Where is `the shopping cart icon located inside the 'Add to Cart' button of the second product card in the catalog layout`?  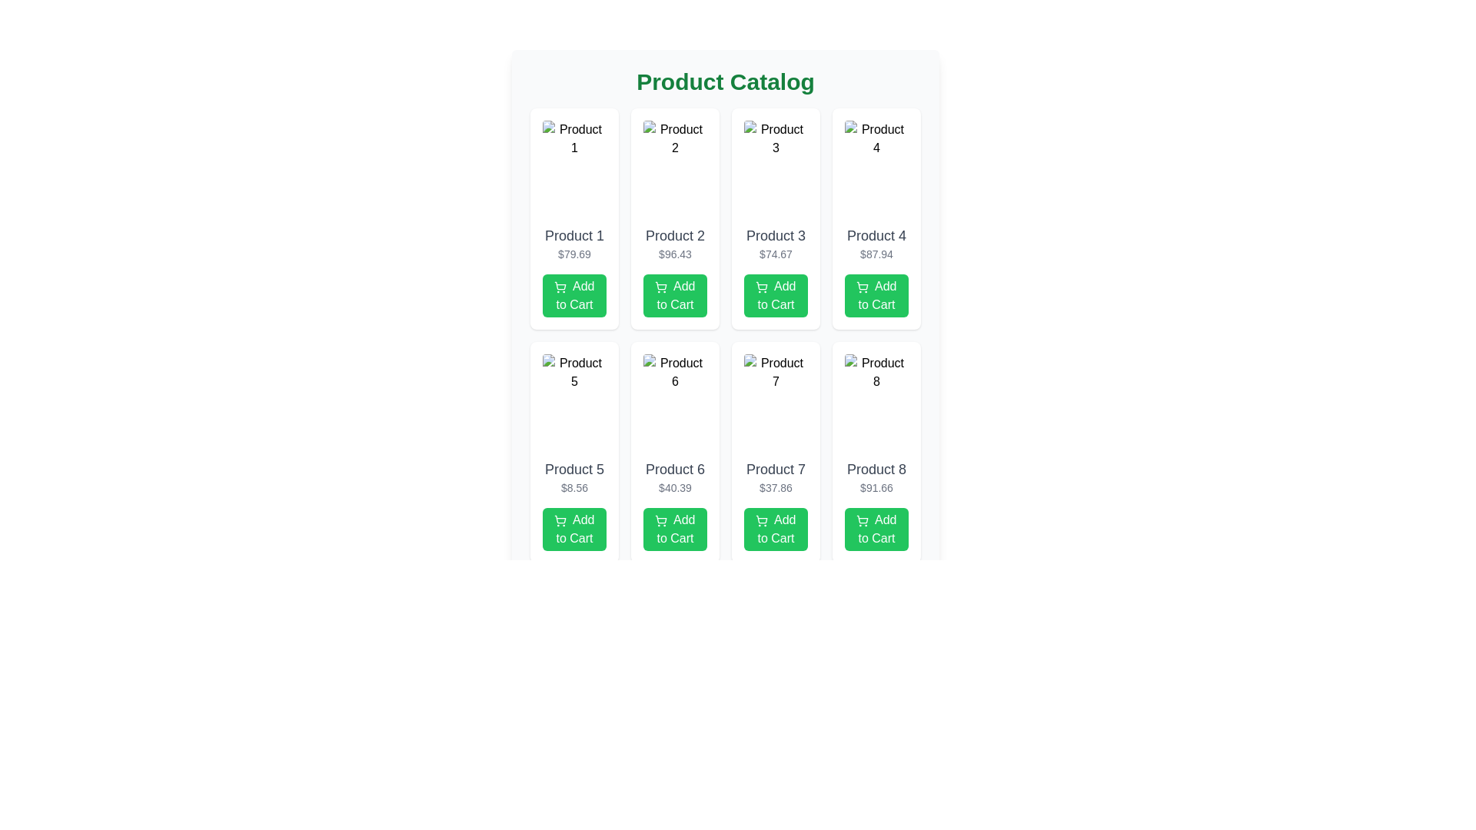 the shopping cart icon located inside the 'Add to Cart' button of the second product card in the catalog layout is located at coordinates (661, 285).